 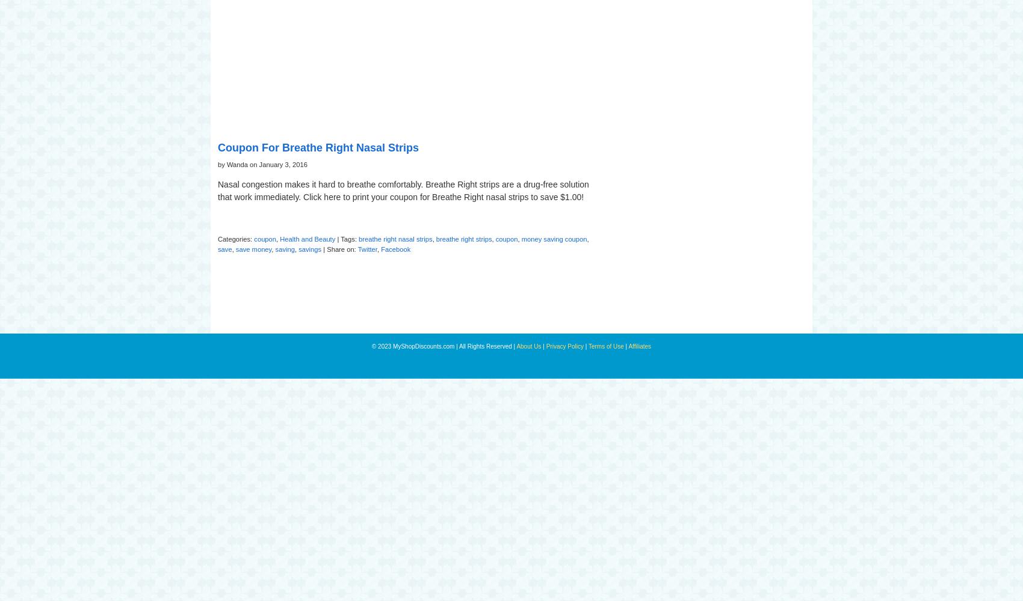 I want to click on '| All Rights Reserved |', so click(x=486, y=345).